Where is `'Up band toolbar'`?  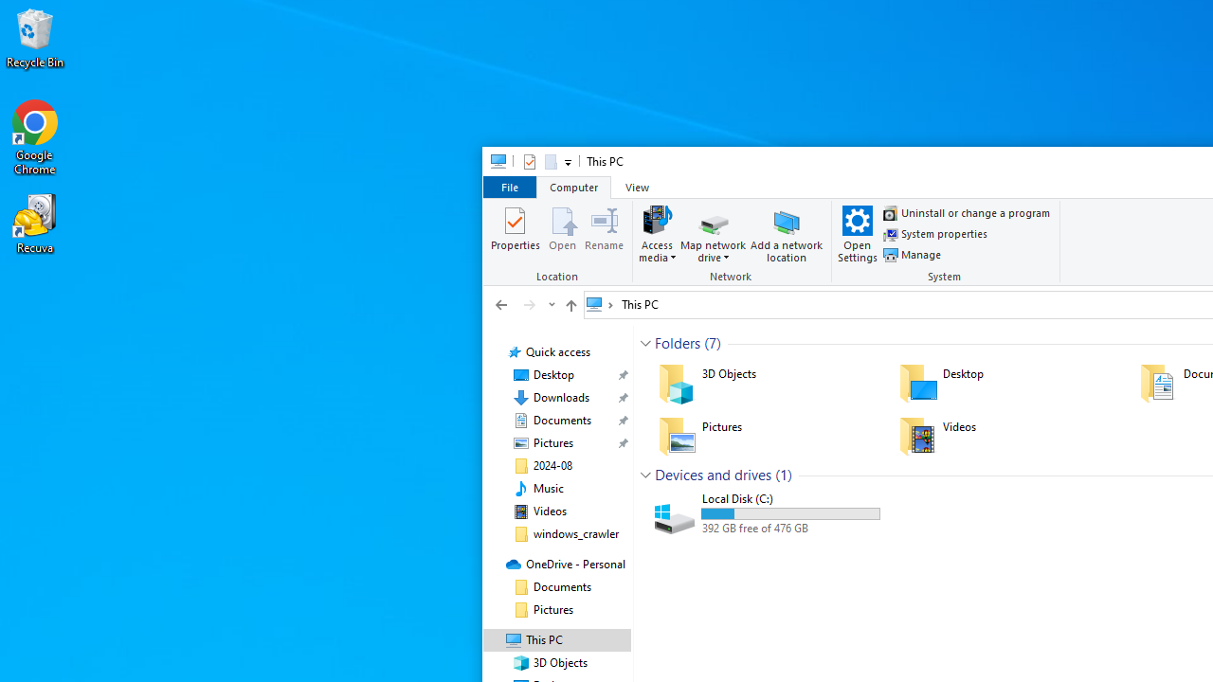
'Up band toolbar' is located at coordinates (570, 307).